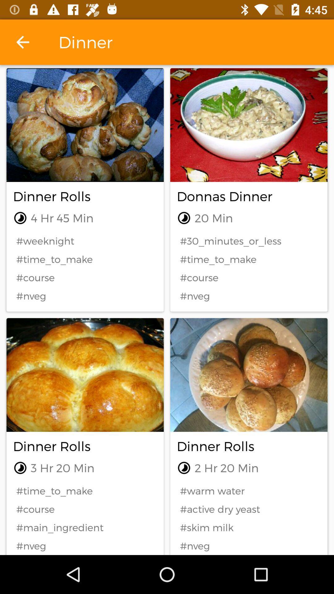 The width and height of the screenshot is (334, 594). I want to click on the item below the 2 hr 20 item, so click(248, 490).